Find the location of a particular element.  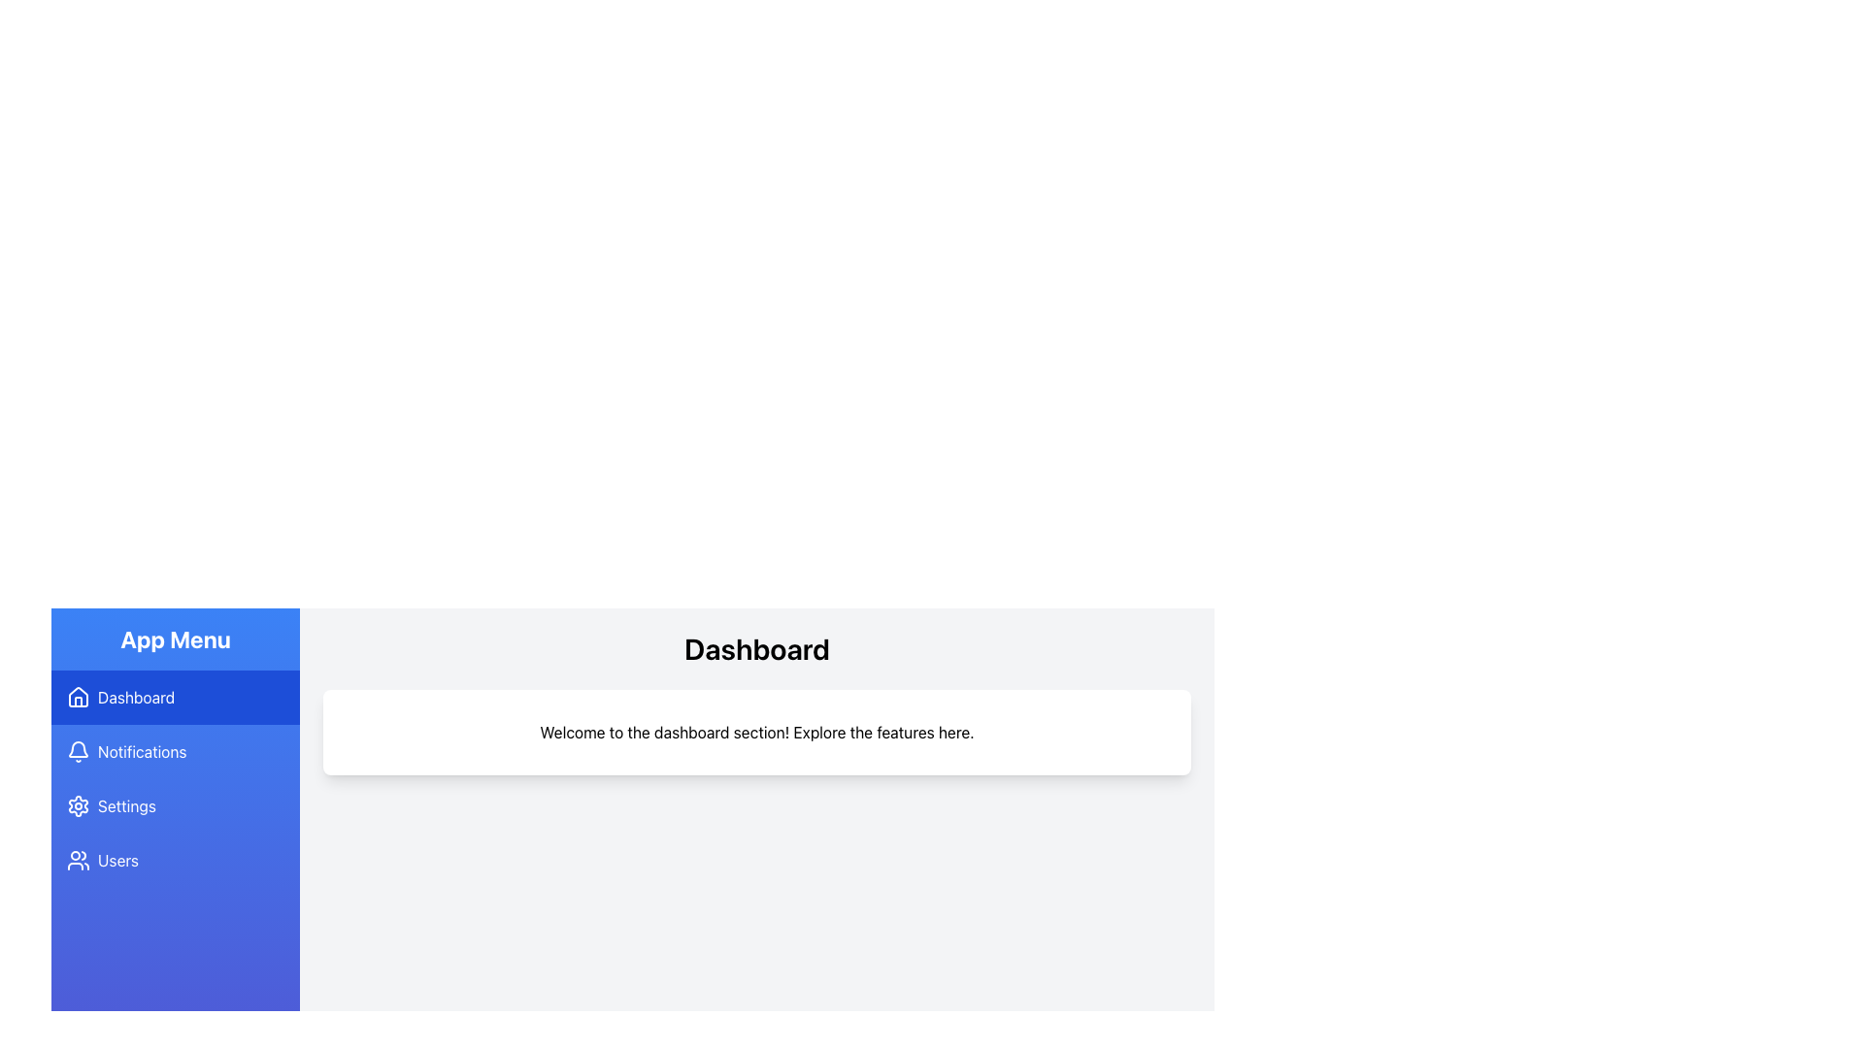

the house-shaped icon in the navigation menu, which is associated with the 'Home' function and located adjacent to the text 'Dashboard' is located at coordinates (78, 695).